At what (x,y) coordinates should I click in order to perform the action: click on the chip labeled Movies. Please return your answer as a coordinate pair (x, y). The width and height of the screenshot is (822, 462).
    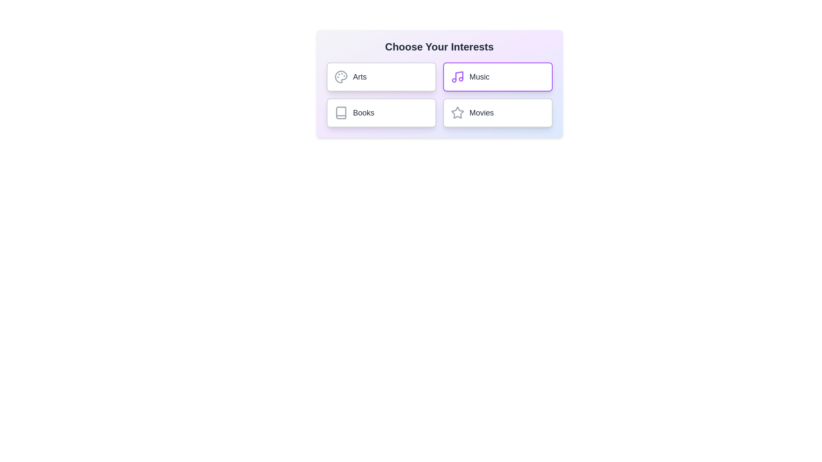
    Looking at the image, I should click on (497, 112).